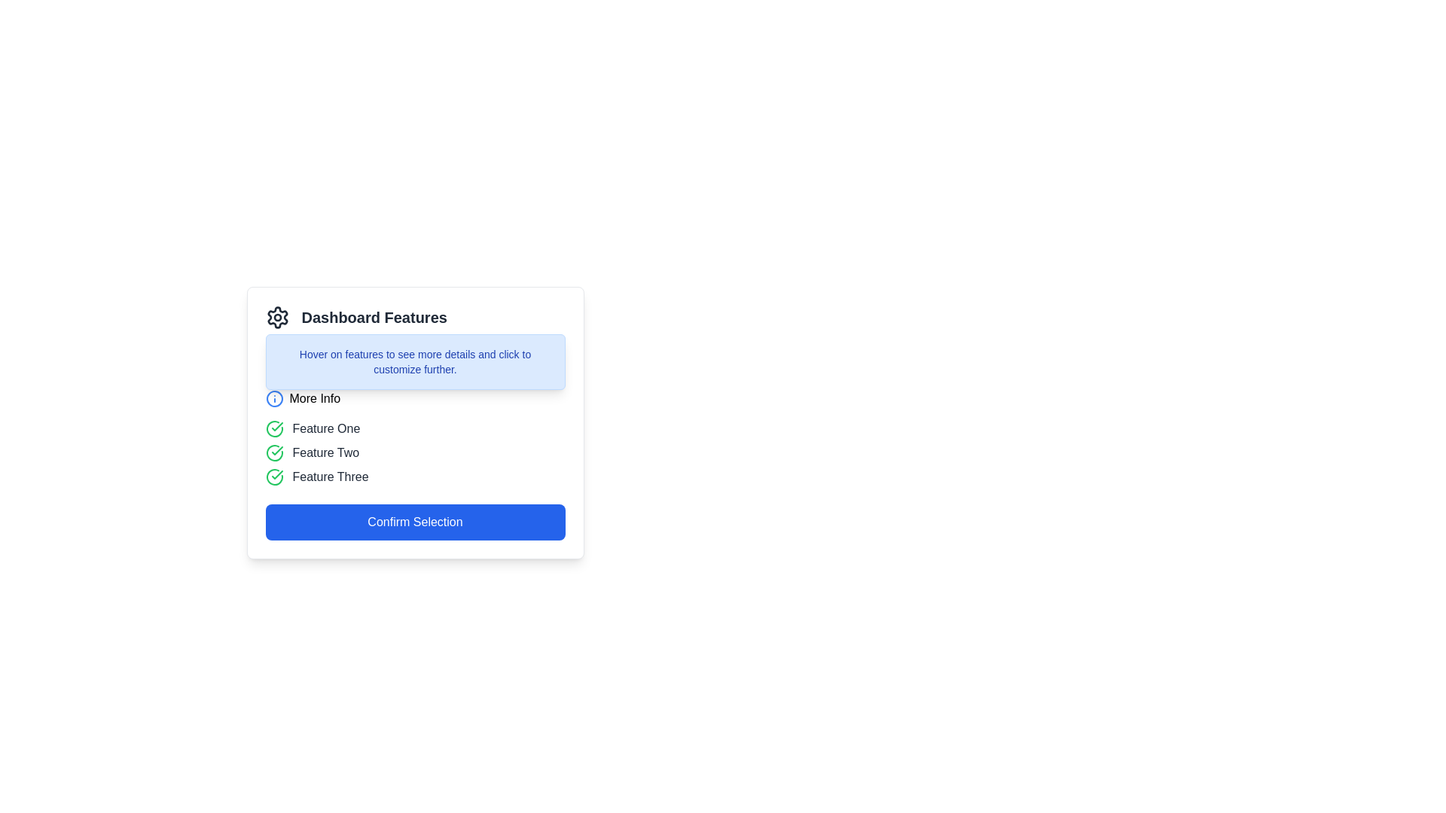 This screenshot has width=1446, height=813. Describe the element at coordinates (277, 316) in the screenshot. I see `the gear icon, which is styled in dark gray and resembles a settings symbol, located at the top left of the card adjacent to 'Dashboard Features'` at that location.